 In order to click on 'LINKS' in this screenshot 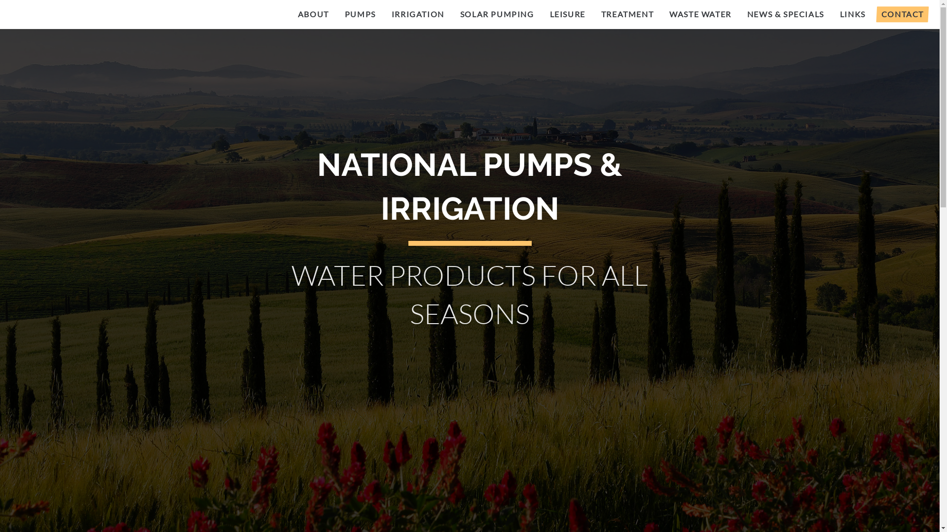, I will do `click(852, 14)`.